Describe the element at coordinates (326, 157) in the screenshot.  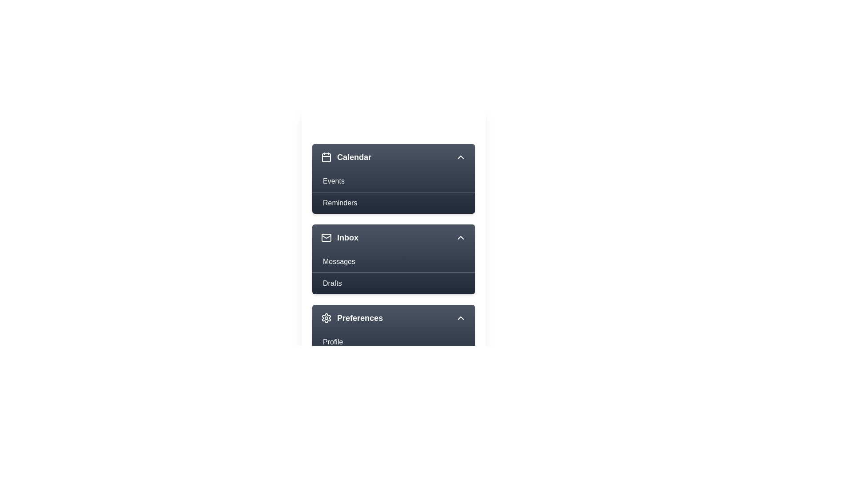
I see `the icon next to the section title Calendar to toggle its visibility` at that location.